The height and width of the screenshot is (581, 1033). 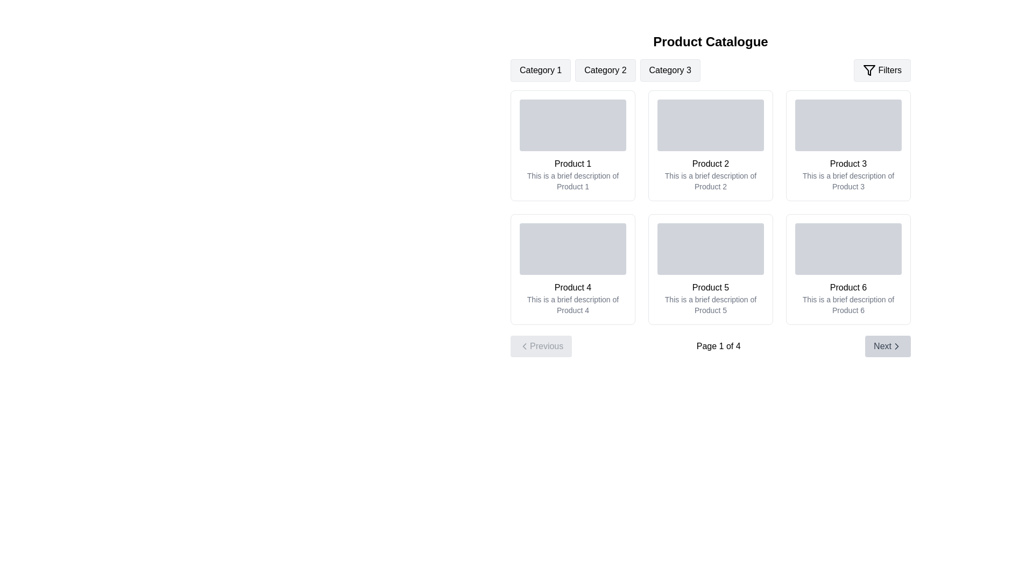 What do you see at coordinates (524, 346) in the screenshot?
I see `the leftward chevron icon used for navigation, which is part of the 'Previous' button at the bottom-left of the page` at bounding box center [524, 346].